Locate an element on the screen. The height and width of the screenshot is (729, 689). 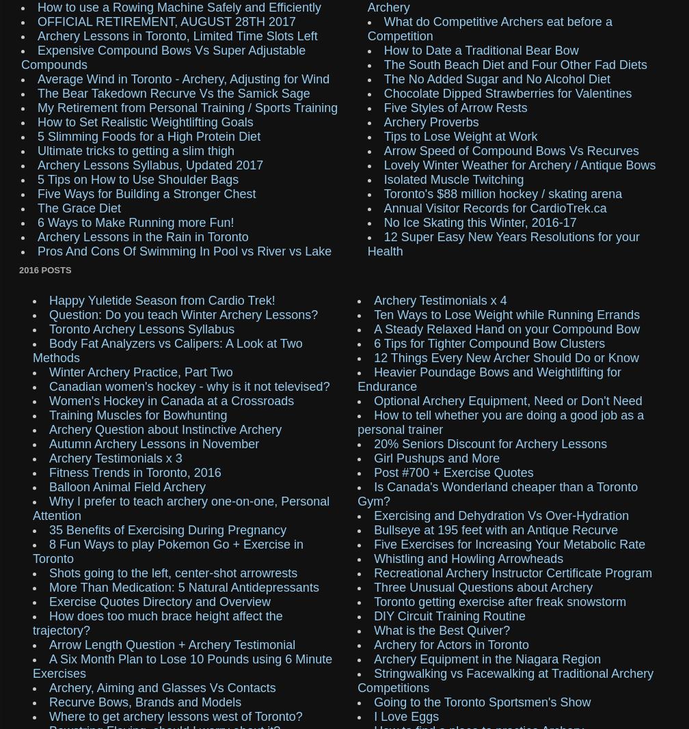
'What is the Best Quiver?' is located at coordinates (442, 629).